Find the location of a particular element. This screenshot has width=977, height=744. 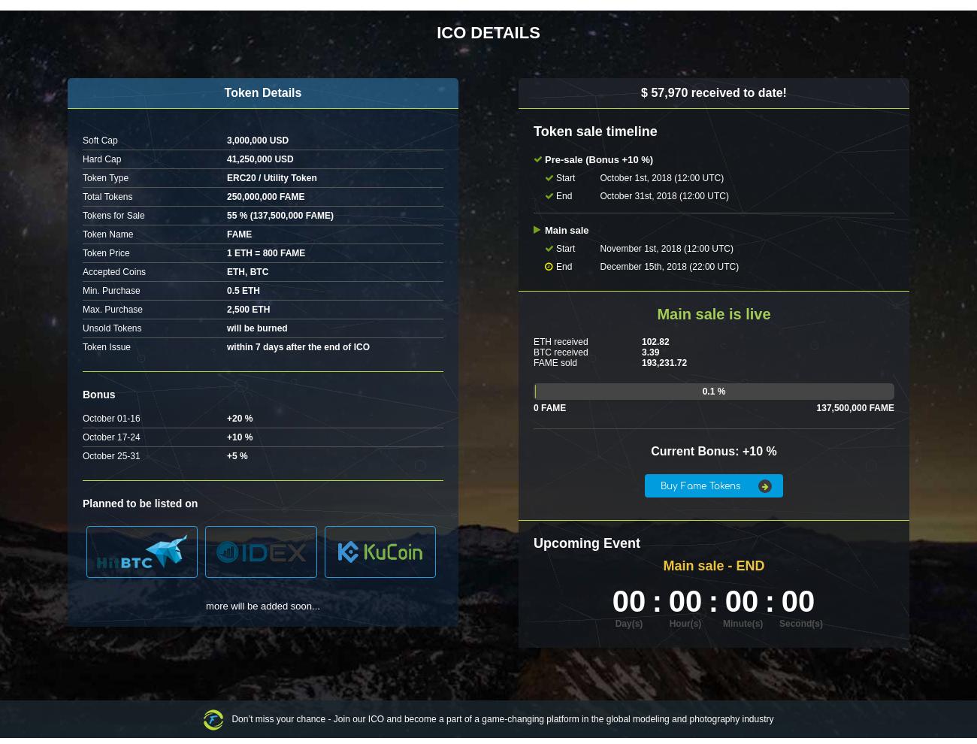

'October 17-24' is located at coordinates (110, 437).